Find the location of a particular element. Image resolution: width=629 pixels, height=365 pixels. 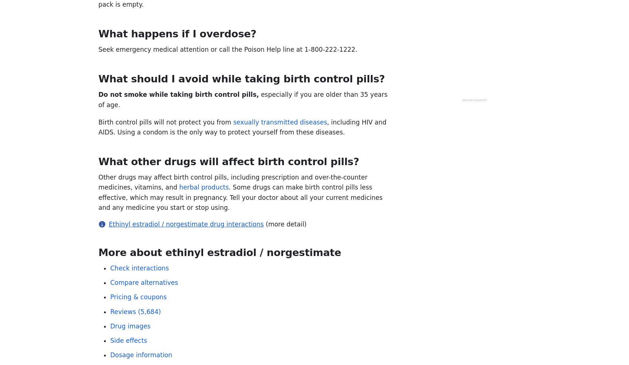

'Reviews (5,684)' is located at coordinates (110, 311).